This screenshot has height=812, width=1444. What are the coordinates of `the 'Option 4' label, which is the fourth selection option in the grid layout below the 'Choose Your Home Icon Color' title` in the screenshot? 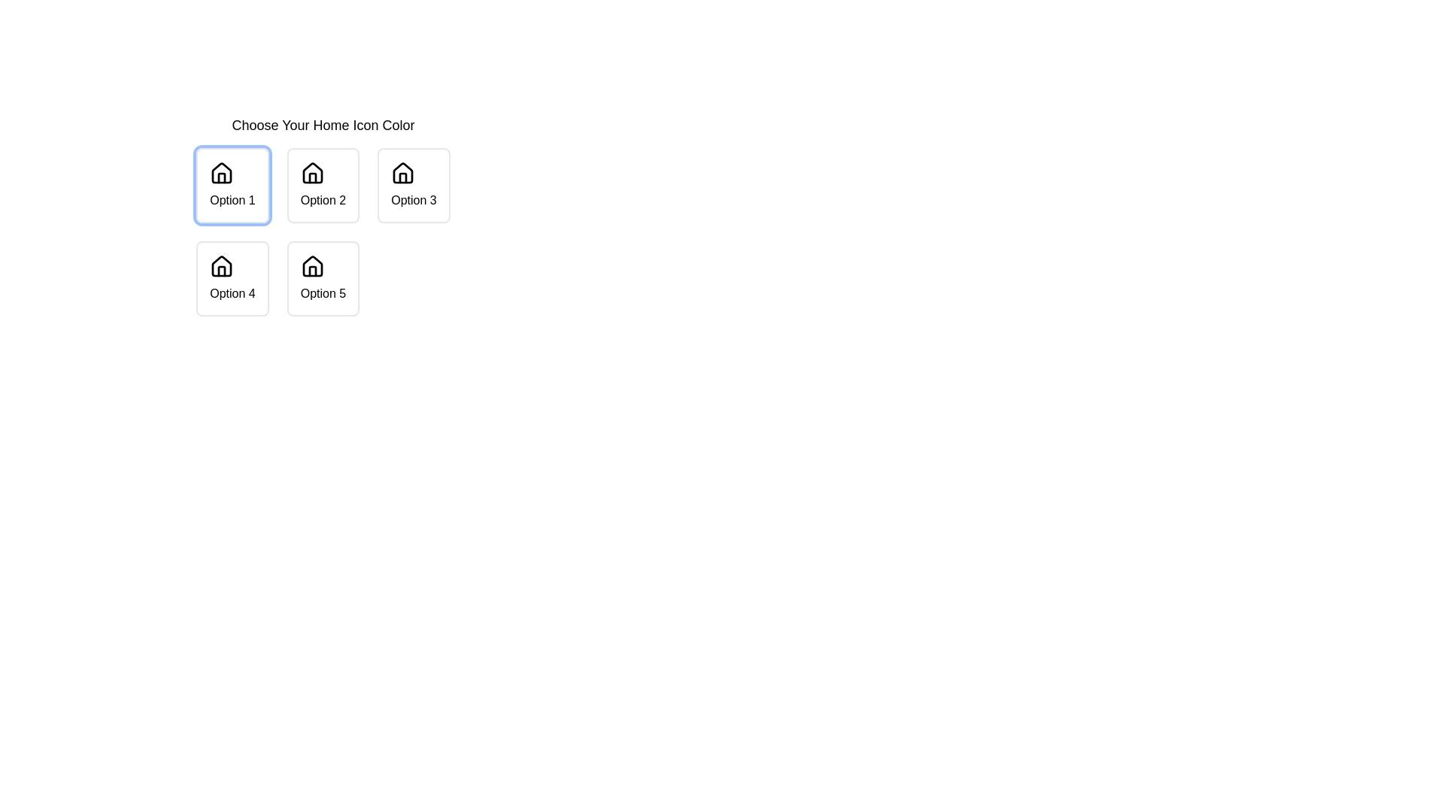 It's located at (232, 293).